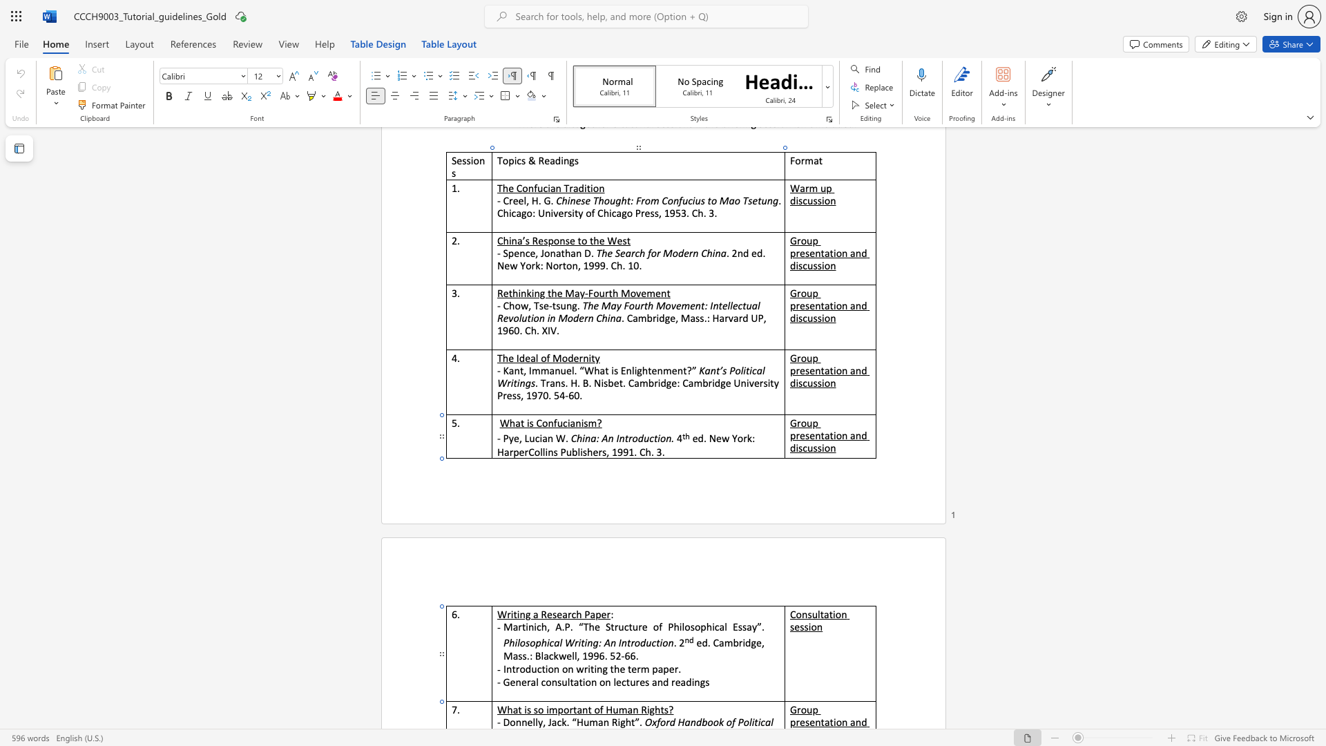  I want to click on the 2th character "a" in the text, so click(767, 721).